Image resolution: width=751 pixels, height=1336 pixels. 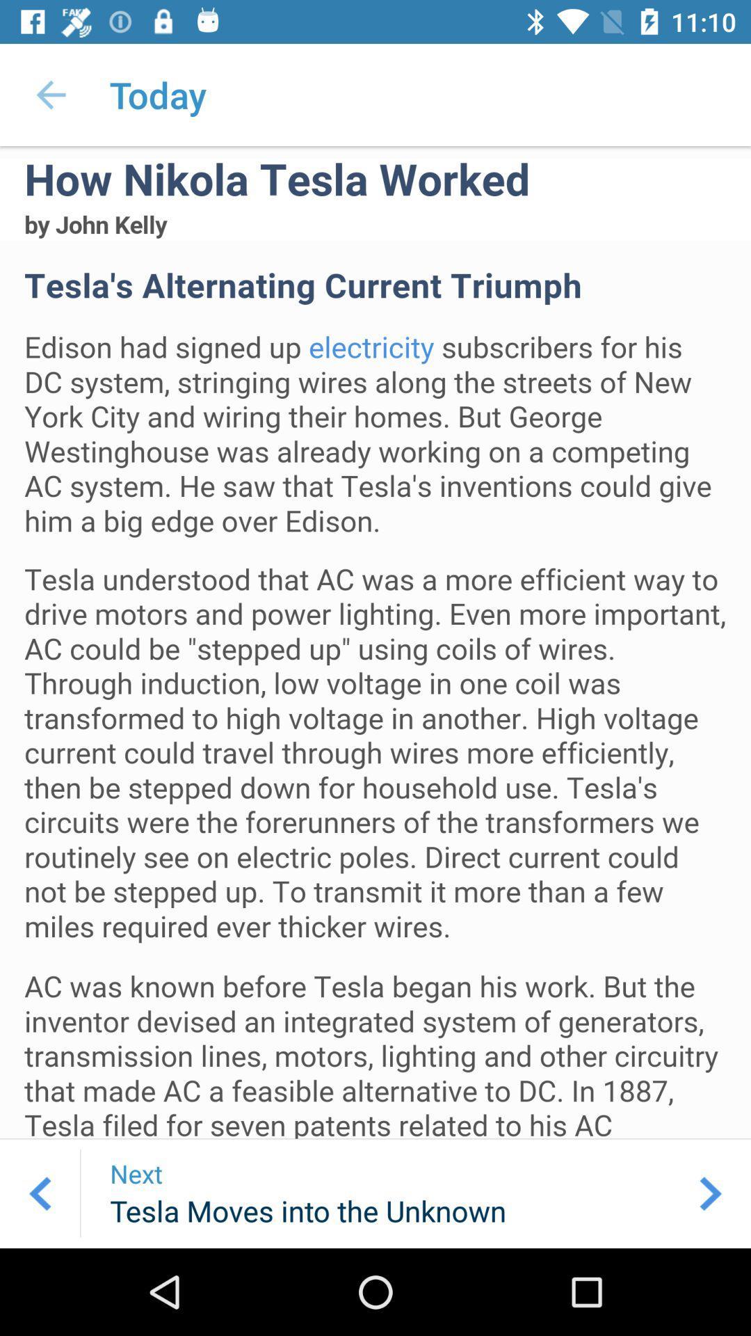 I want to click on the arrow_forward icon, so click(x=711, y=1193).